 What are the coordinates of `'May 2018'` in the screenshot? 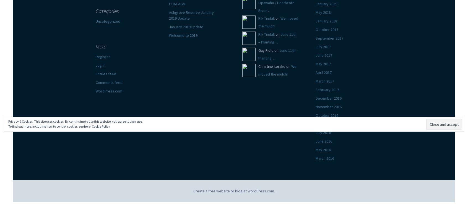 It's located at (323, 12).